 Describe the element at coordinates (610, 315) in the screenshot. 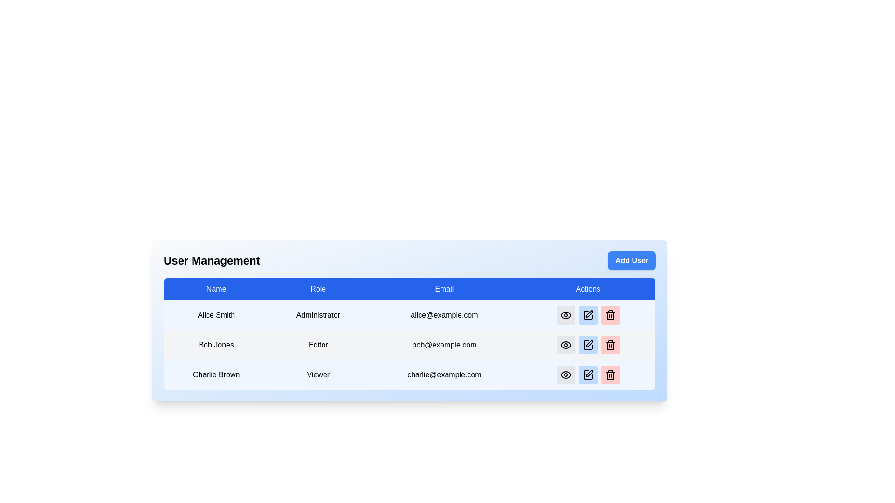

I see `the trash icon button with a red background and black outlines located` at that location.